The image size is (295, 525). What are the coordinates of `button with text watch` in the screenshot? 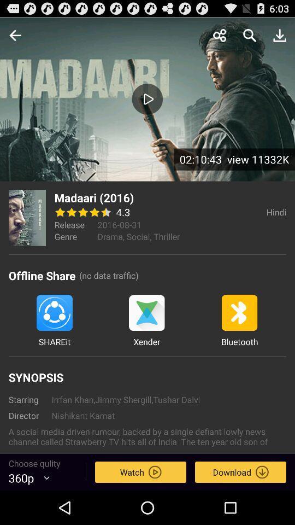 It's located at (140, 471).